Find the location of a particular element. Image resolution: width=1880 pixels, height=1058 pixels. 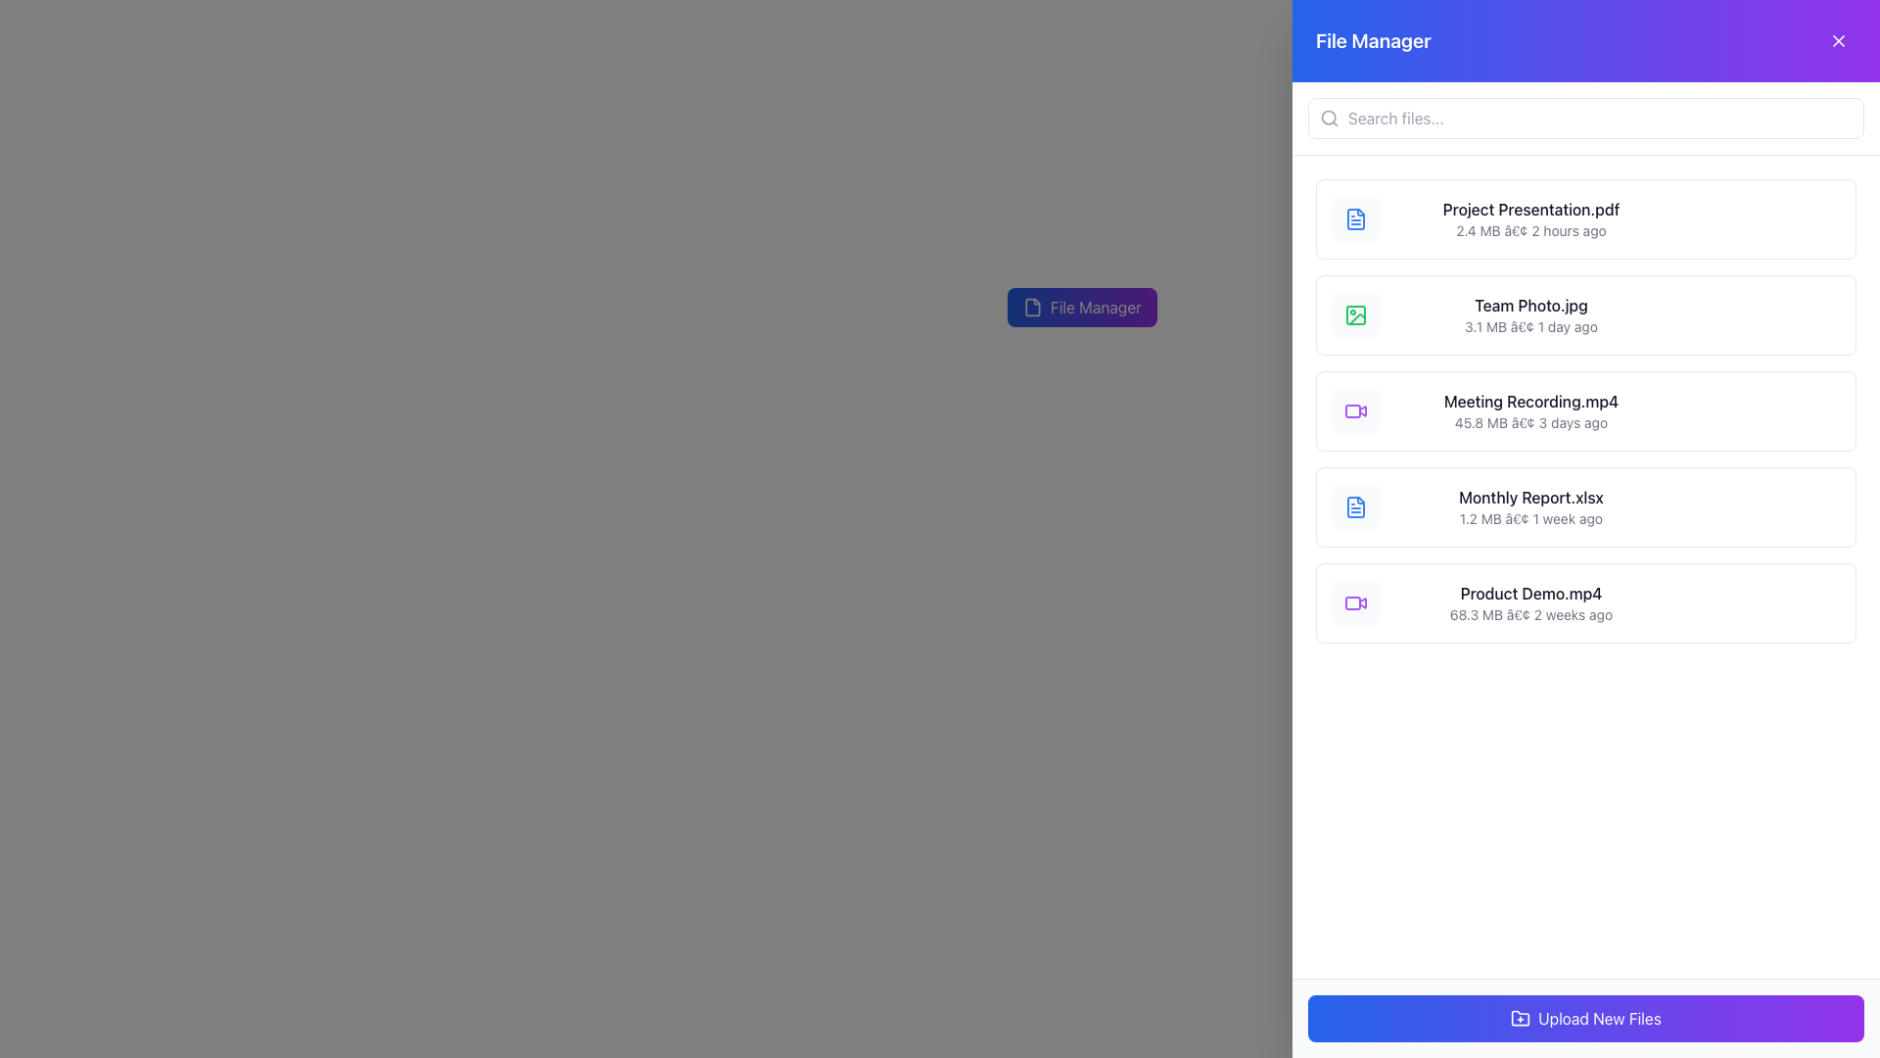

attributes of the central circle within the search icon, which is part of the larger SVG component located at the specified coordinates is located at coordinates (1329, 118).